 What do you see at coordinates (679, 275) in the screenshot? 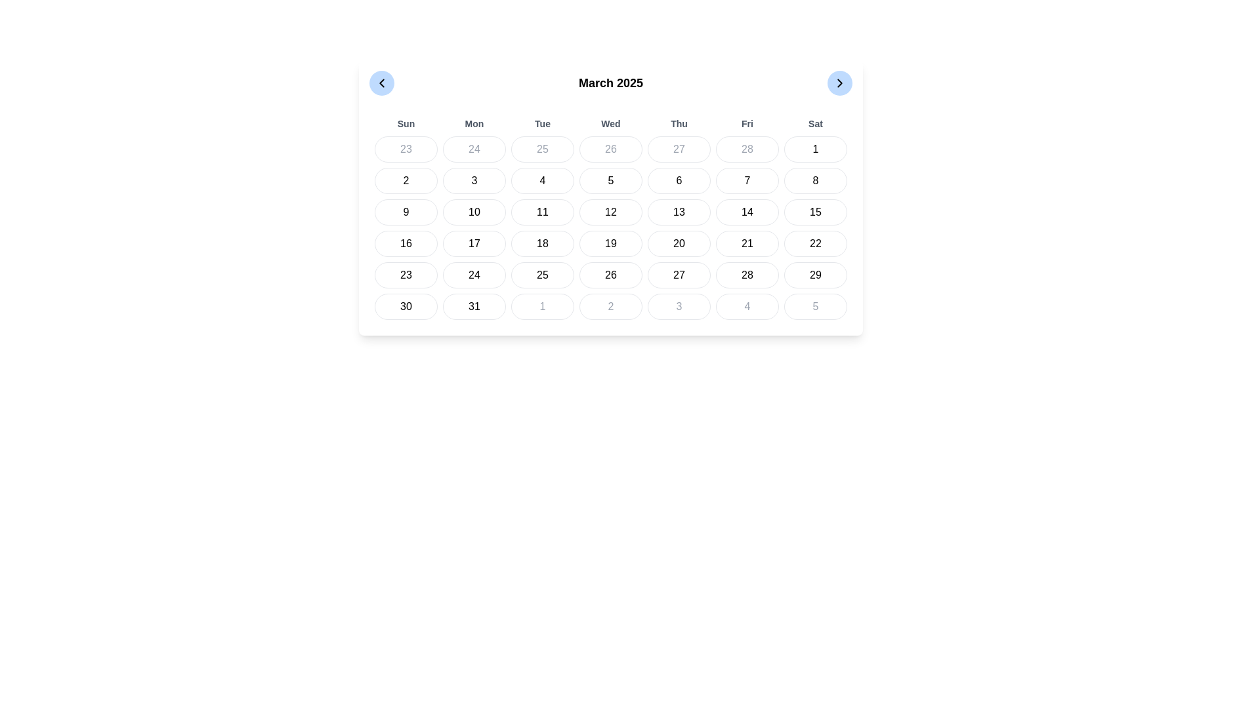
I see `the button representing the date '27' in the March 2025 calendar interface` at bounding box center [679, 275].